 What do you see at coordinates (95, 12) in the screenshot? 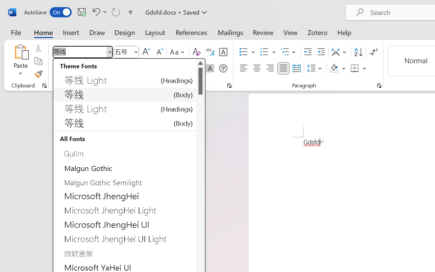
I see `'Undo Style'` at bounding box center [95, 12].